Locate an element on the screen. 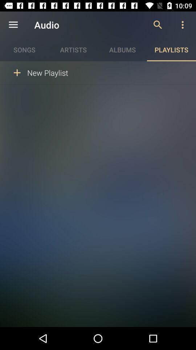 This screenshot has height=350, width=196. the item next to the audio icon is located at coordinates (13, 25).